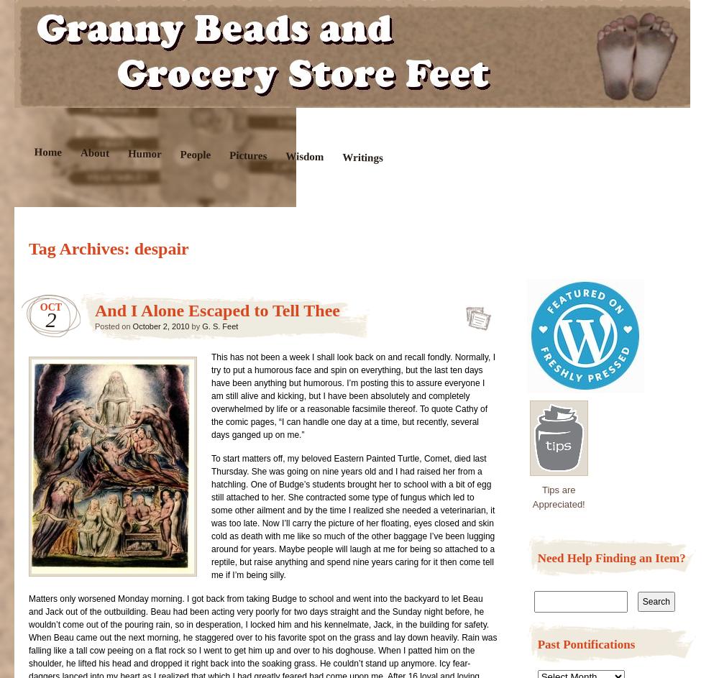 The width and height of the screenshot is (719, 678). Describe the element at coordinates (536, 558) in the screenshot. I see `'Need Help Finding an Item?'` at that location.